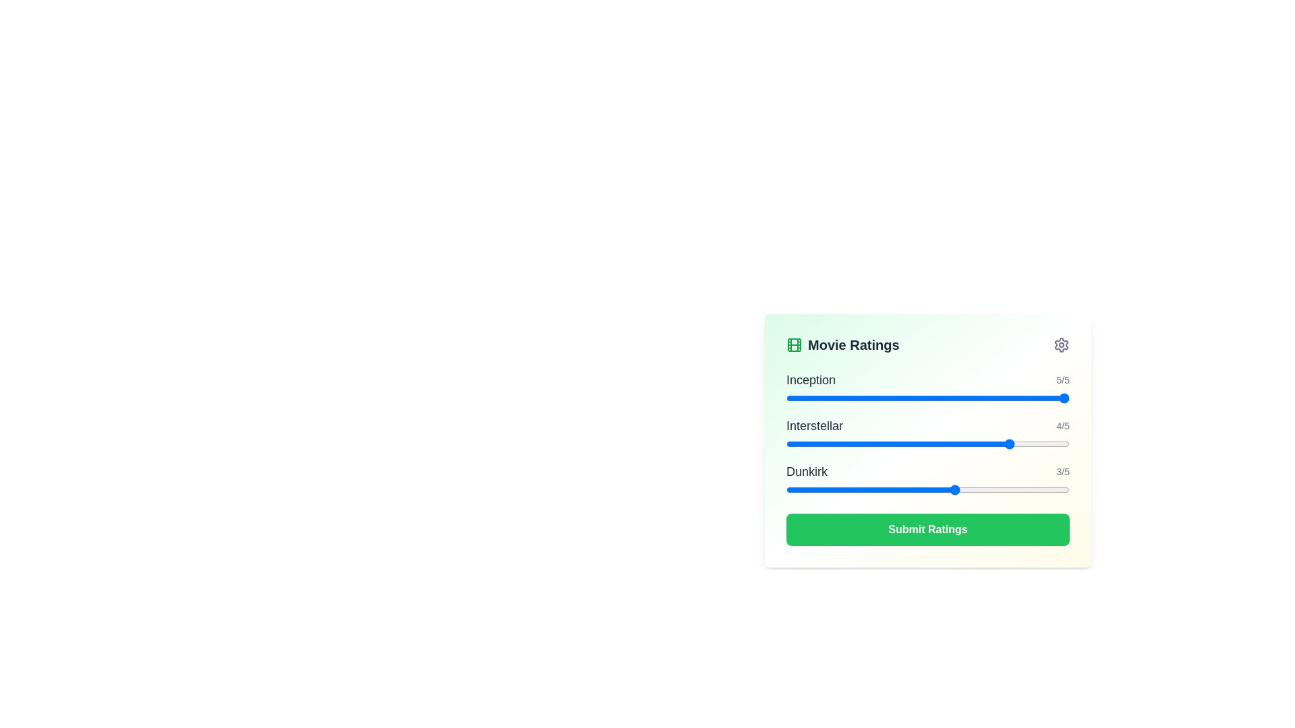  Describe the element at coordinates (927, 529) in the screenshot. I see `the submit button for movie ratings, which is located at the bottom of the 'Movie Ratings' panel` at that location.